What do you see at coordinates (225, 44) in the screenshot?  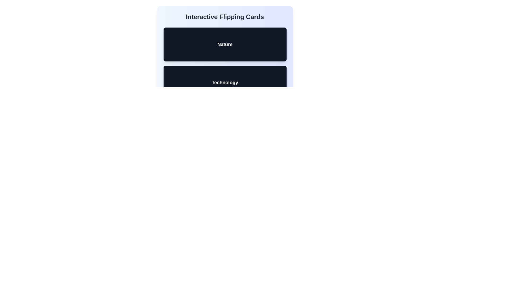 I see `the card labeled Nature to highlight it` at bounding box center [225, 44].